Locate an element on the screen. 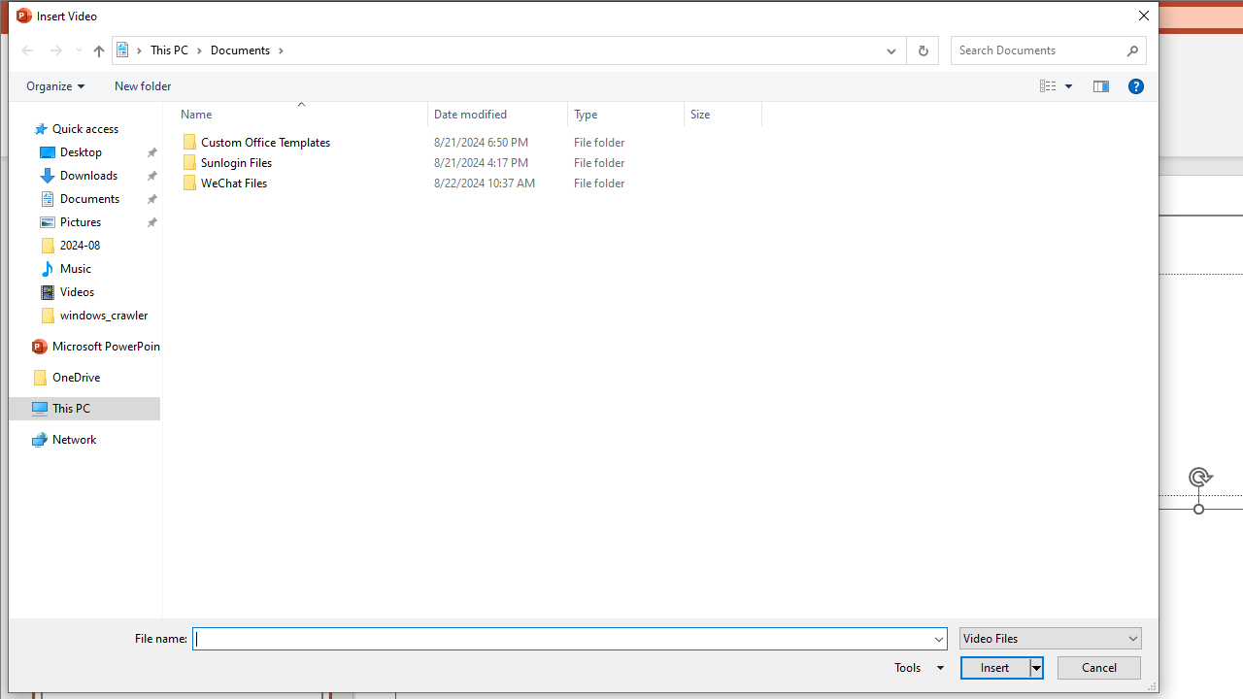 The height and width of the screenshot is (699, 1243). 'Custom Office Templates' is located at coordinates (467, 141).